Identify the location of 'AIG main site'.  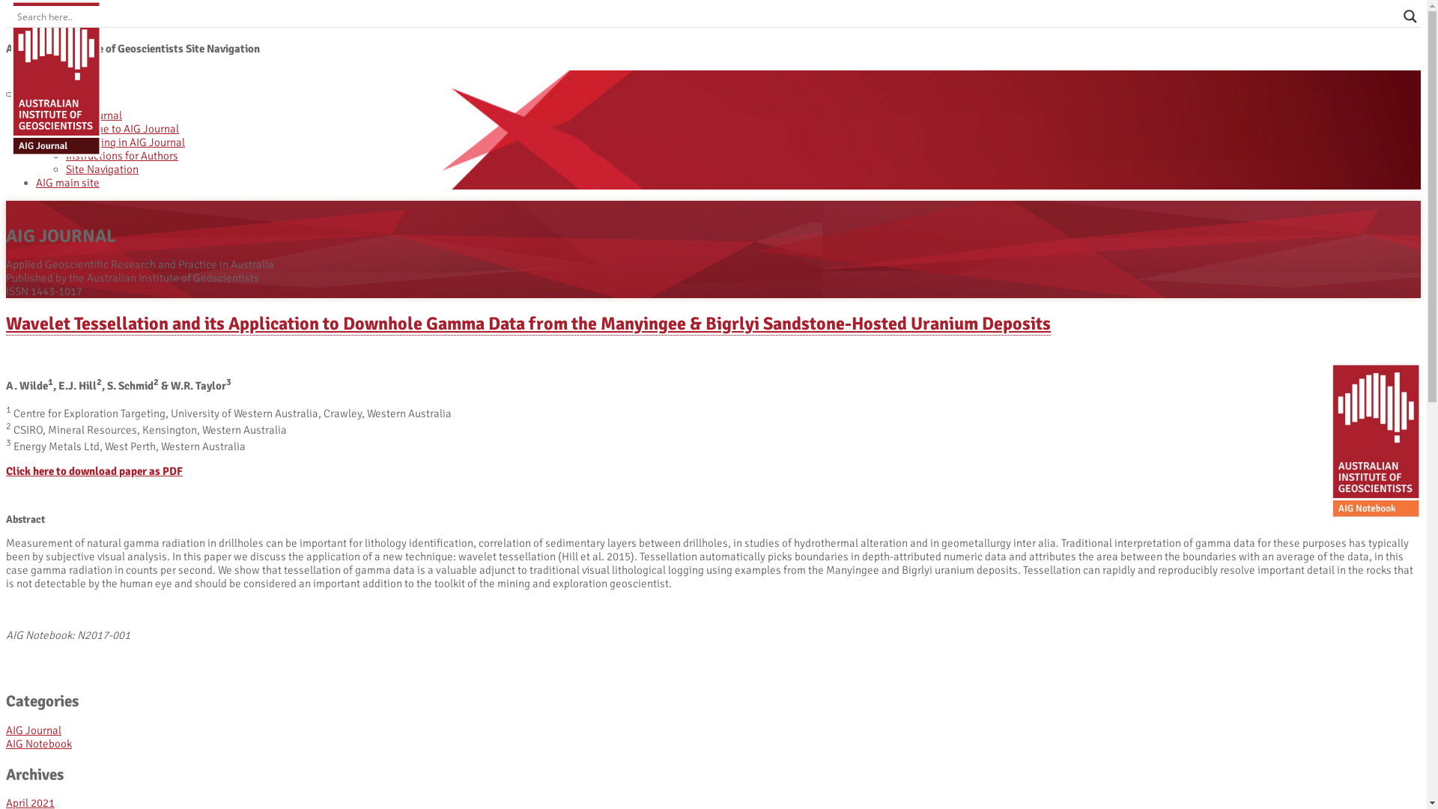
(67, 181).